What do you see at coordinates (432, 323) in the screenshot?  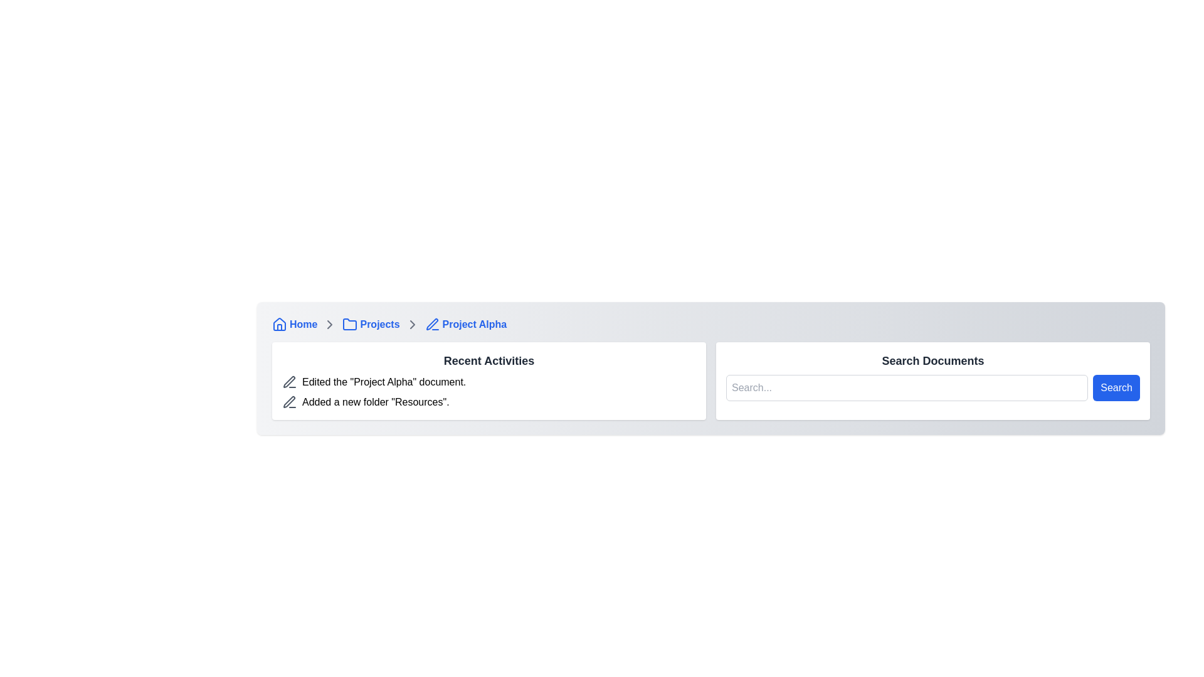 I see `the editing icon located in the breadcrumb navigation bar to the left of the 'Project Alpha' text` at bounding box center [432, 323].